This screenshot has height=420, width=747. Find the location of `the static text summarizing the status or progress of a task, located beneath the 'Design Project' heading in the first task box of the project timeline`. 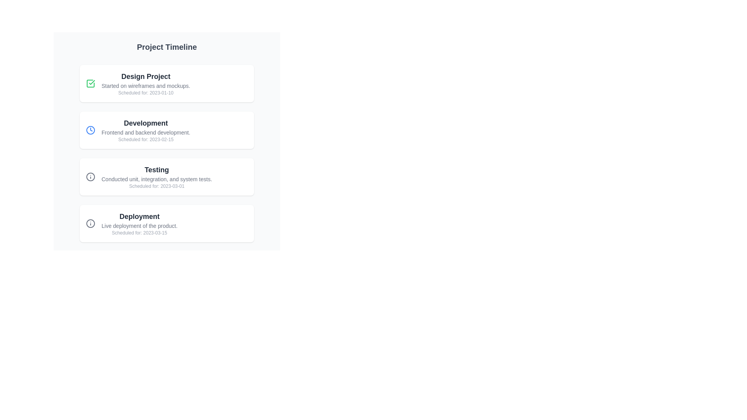

the static text summarizing the status or progress of a task, located beneath the 'Design Project' heading in the first task box of the project timeline is located at coordinates (146, 86).